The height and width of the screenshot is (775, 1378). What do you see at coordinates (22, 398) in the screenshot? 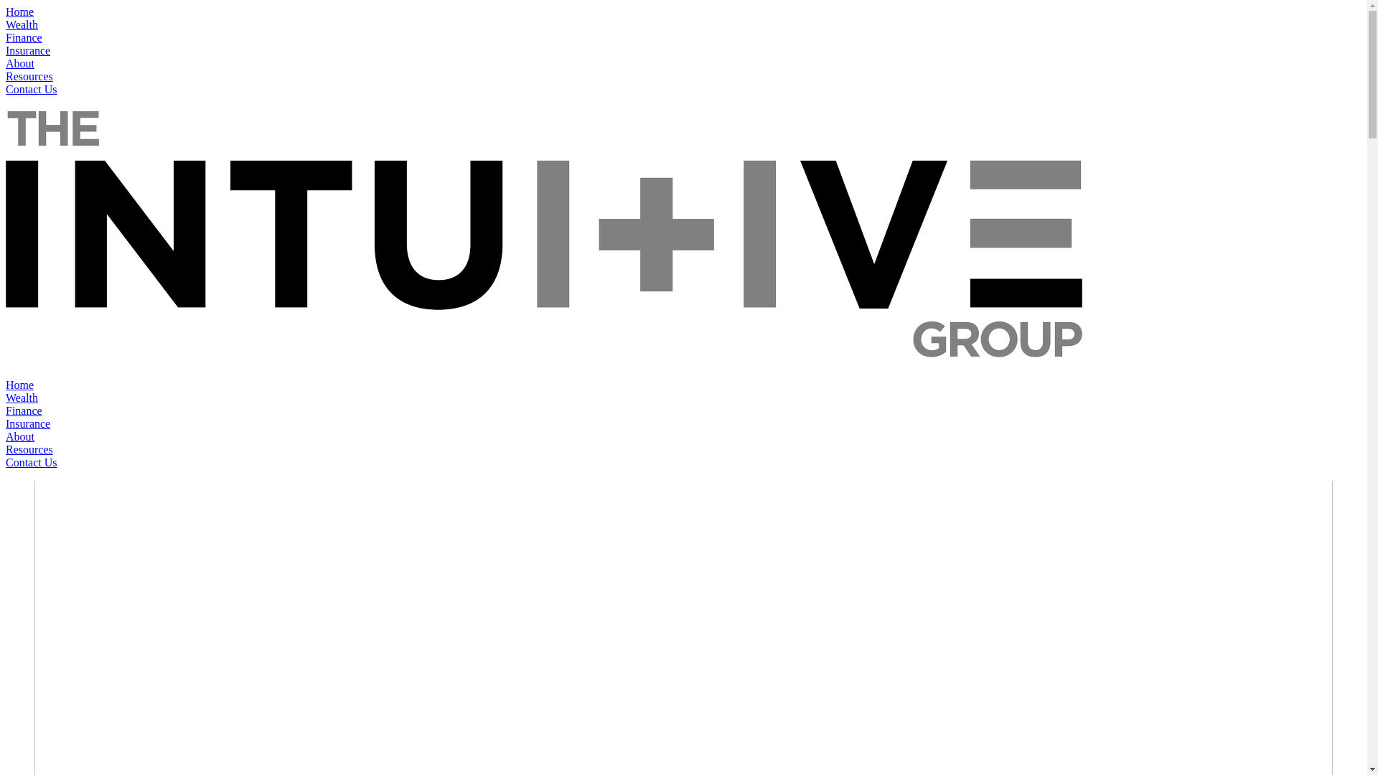
I see `'Wealth'` at bounding box center [22, 398].